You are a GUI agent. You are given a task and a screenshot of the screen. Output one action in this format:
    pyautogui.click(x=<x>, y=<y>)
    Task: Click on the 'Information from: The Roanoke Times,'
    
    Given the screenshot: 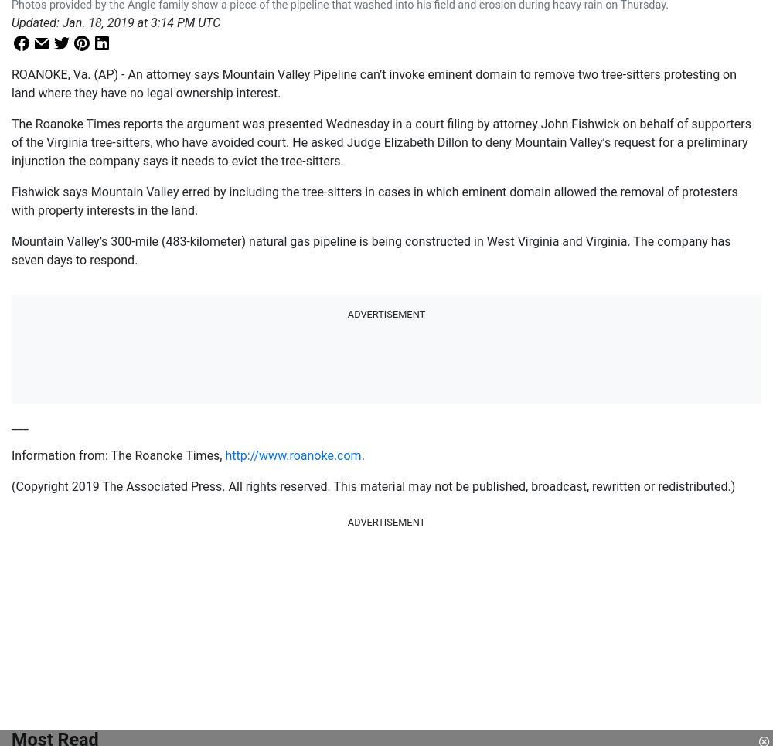 What is the action you would take?
    pyautogui.click(x=118, y=455)
    